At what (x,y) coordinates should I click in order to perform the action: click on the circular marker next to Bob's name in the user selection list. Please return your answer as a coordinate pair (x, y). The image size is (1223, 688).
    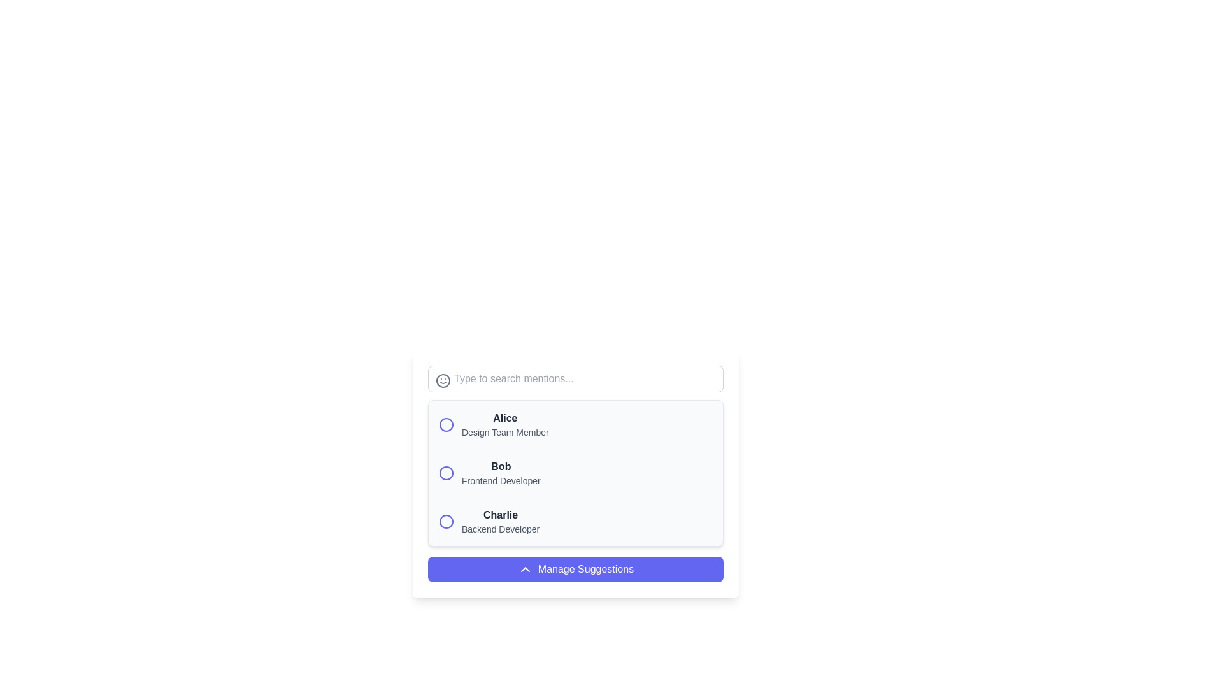
    Looking at the image, I should click on (446, 473).